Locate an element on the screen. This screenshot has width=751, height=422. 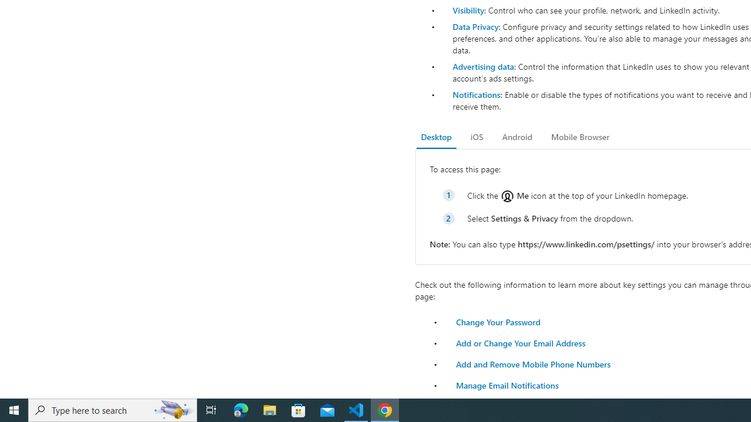
'Change Your Password' is located at coordinates (498, 322).